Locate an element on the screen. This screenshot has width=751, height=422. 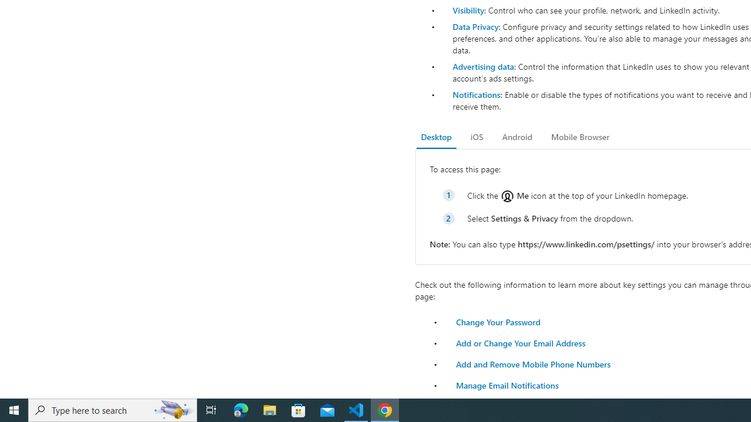
'Change Your Password' is located at coordinates (498, 322).